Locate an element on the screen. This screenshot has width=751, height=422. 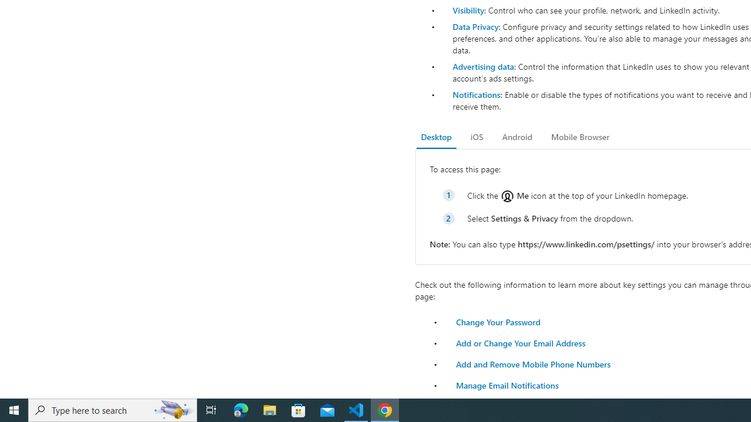
'Change Your Password' is located at coordinates (498, 322).